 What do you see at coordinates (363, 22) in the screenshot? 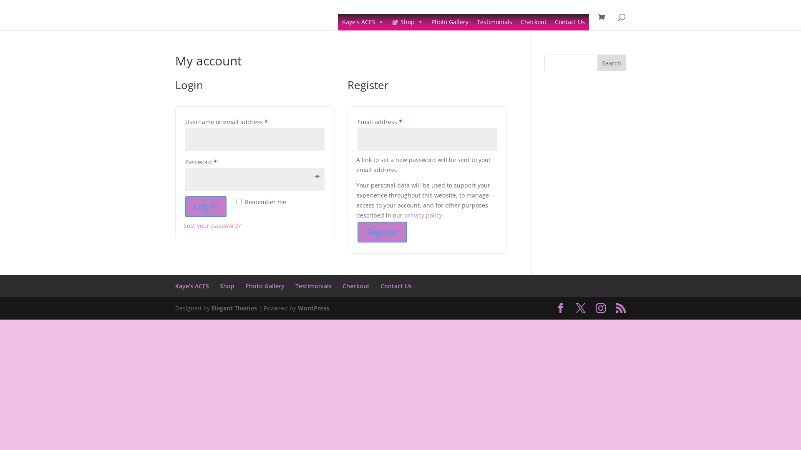
I see `'Kaye's ACES'` at bounding box center [363, 22].